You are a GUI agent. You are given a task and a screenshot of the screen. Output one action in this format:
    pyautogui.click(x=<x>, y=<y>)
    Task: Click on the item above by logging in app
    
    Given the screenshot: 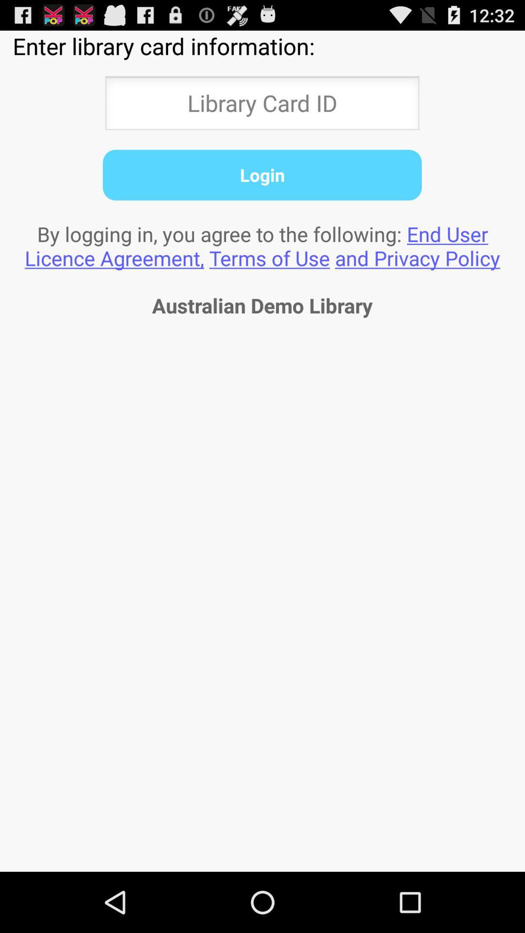 What is the action you would take?
    pyautogui.click(x=262, y=175)
    